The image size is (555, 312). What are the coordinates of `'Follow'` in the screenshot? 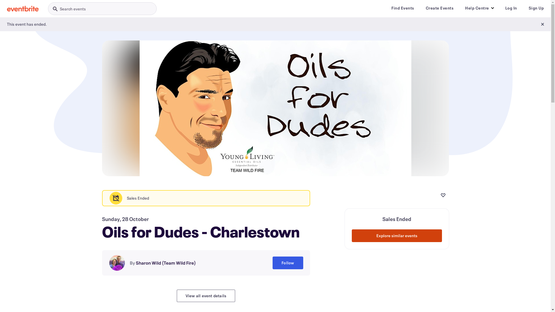 It's located at (288, 263).